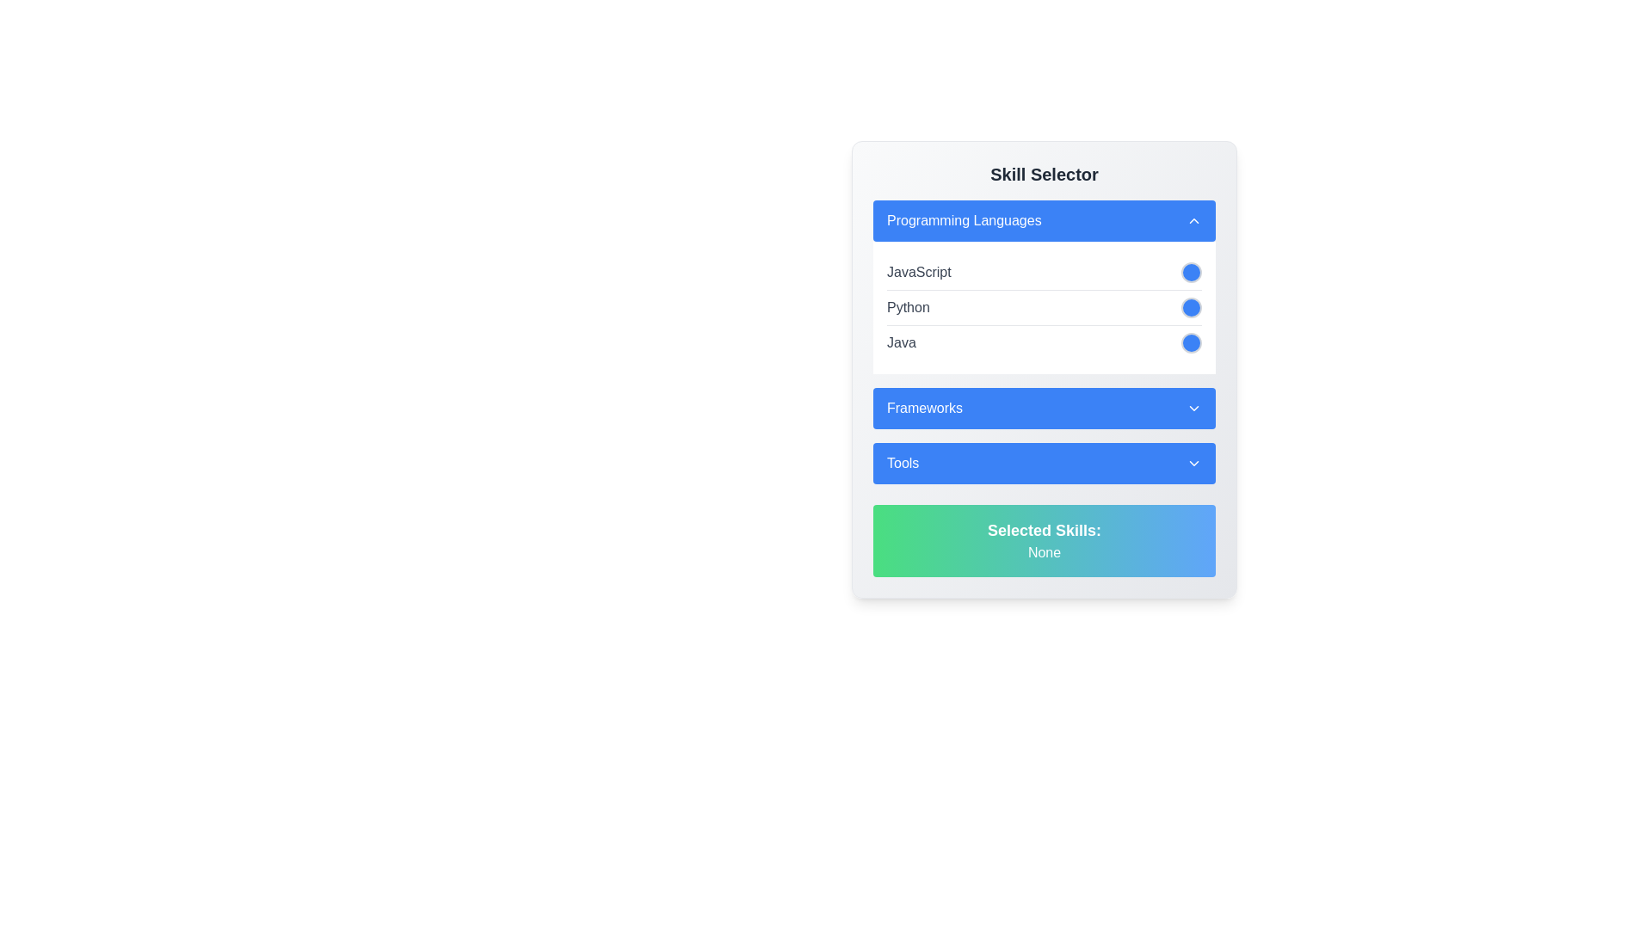 Image resolution: width=1652 pixels, height=929 pixels. Describe the element at coordinates (1191, 342) in the screenshot. I see `the circular blue button with a white border located to the far right of the 'Java' text in the third row of the 'Programming Languages' section` at that location.